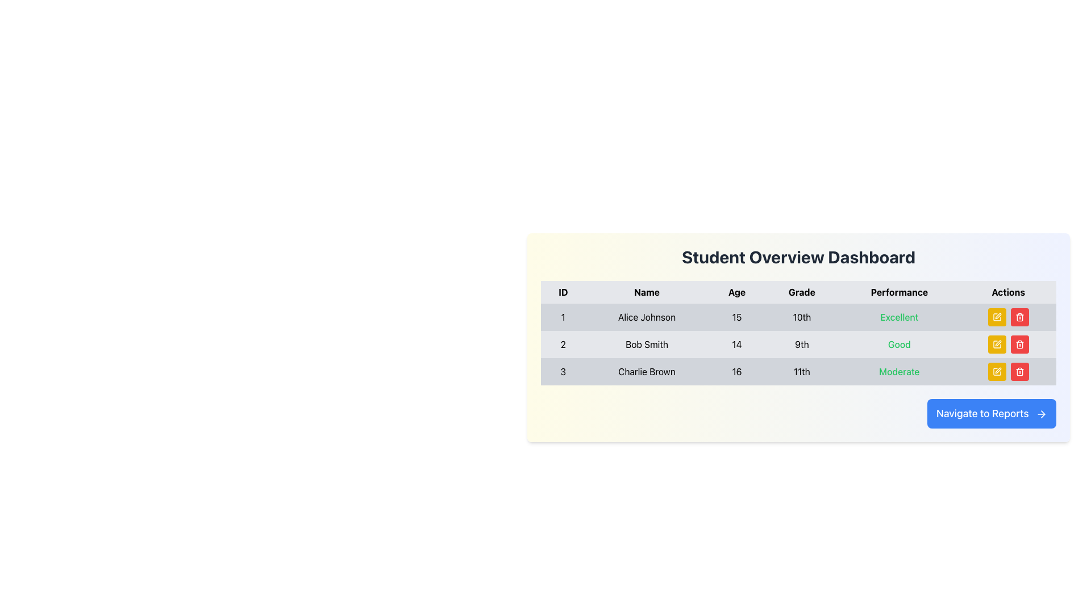 The width and height of the screenshot is (1091, 613). Describe the element at coordinates (801, 372) in the screenshot. I see `the text '11th' which is rendered in black font on a light gray background, located in the grade column of the third row in the student details table` at that location.